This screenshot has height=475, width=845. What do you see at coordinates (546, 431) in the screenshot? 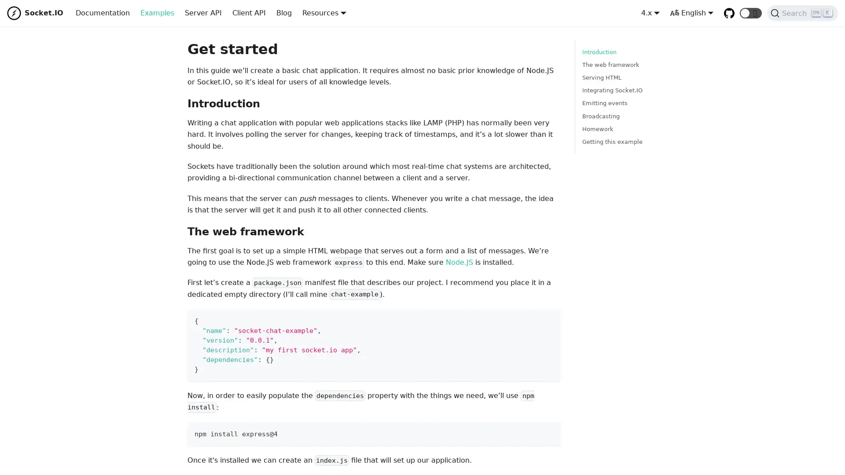
I see `Copy code to clipboard` at bounding box center [546, 431].